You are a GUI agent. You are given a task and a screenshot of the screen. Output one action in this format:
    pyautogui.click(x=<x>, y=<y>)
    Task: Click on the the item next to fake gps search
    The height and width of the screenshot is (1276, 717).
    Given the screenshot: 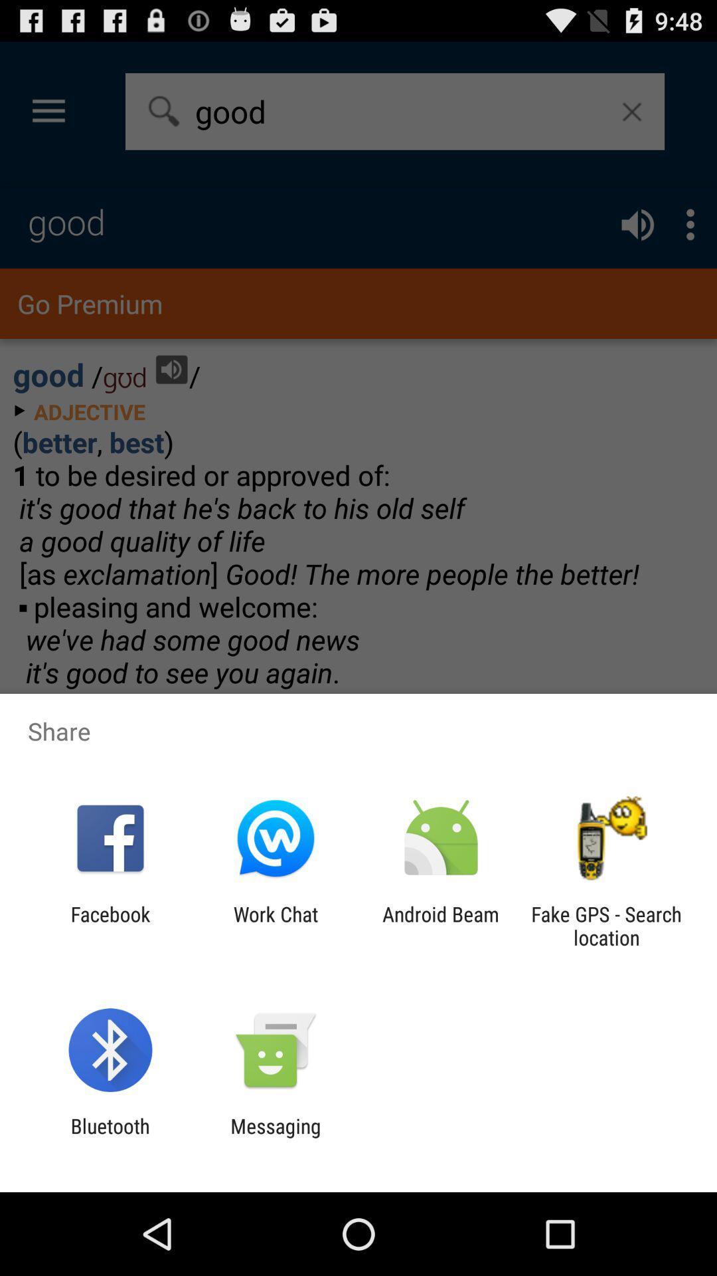 What is the action you would take?
    pyautogui.click(x=441, y=925)
    